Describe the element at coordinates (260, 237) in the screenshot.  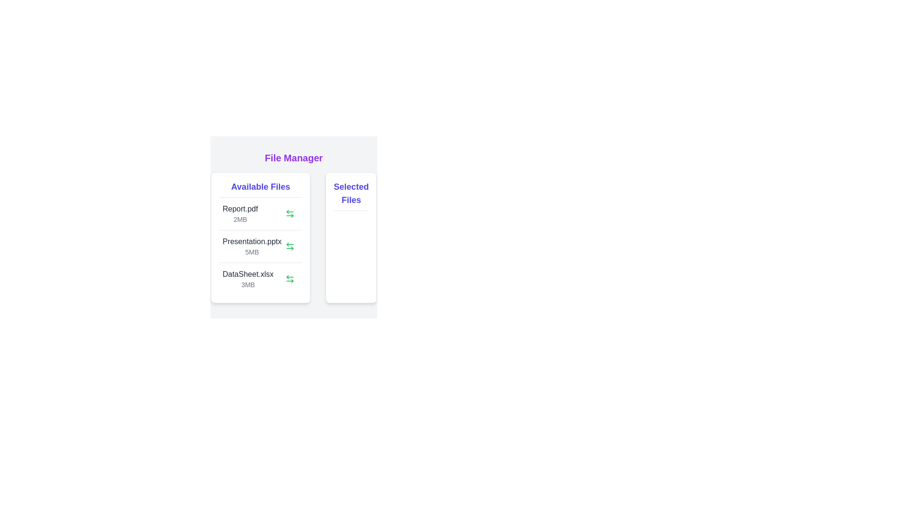
I see `the interactive green icon on the right side of the 'Available Files' section to transfer the file` at that location.